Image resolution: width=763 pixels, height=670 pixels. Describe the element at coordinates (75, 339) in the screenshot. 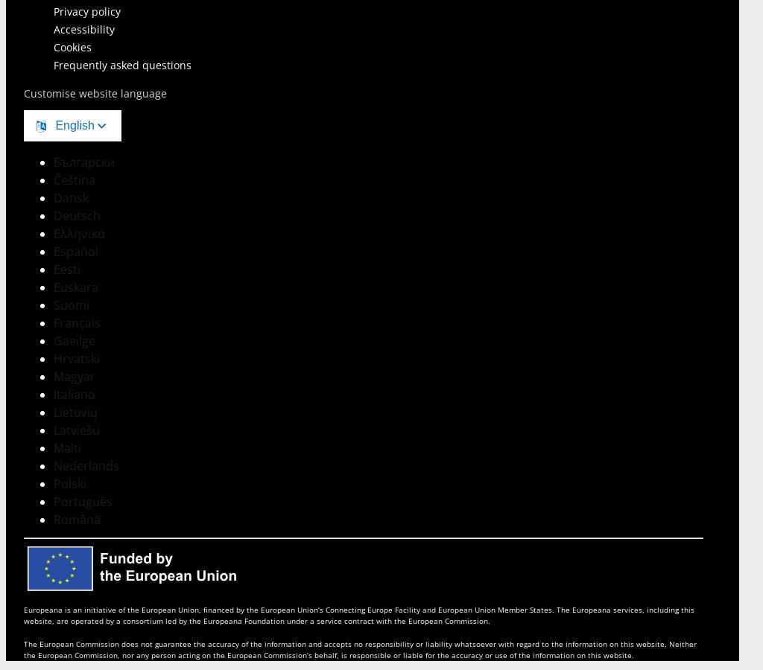

I see `'Gaeilge'` at that location.